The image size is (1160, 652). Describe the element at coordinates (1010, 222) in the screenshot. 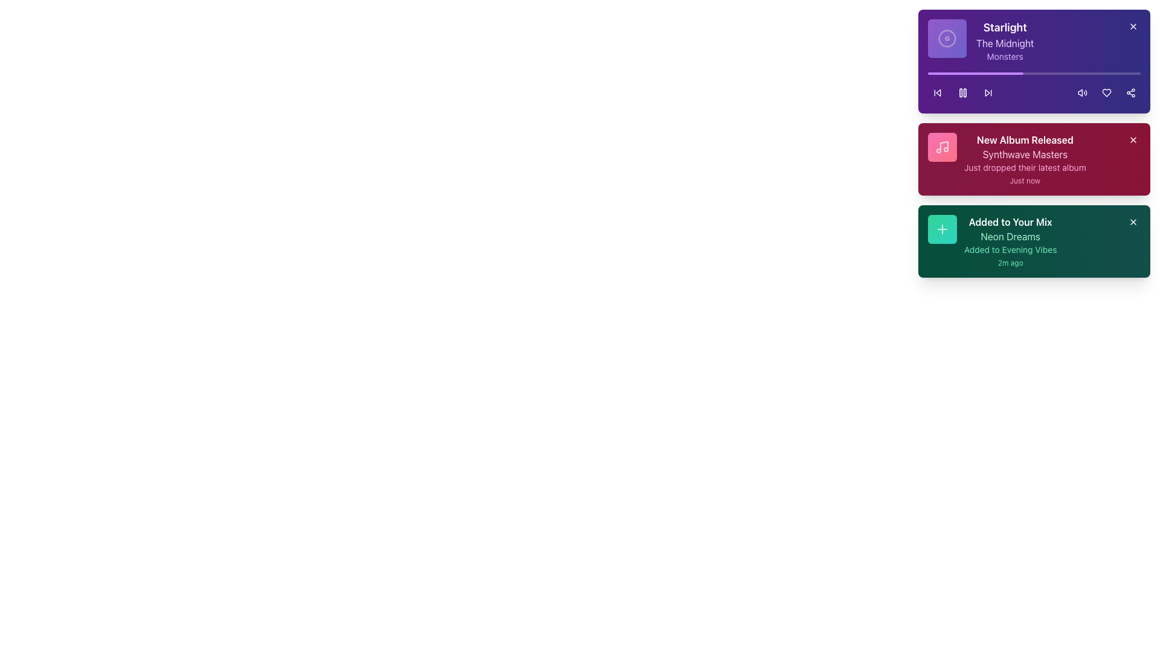

I see `the static text label displaying 'Added to Your Mix', which is styled in bold white font on a dark green background, located at the bottom of the notification-like cards on the right side of the interface` at that location.